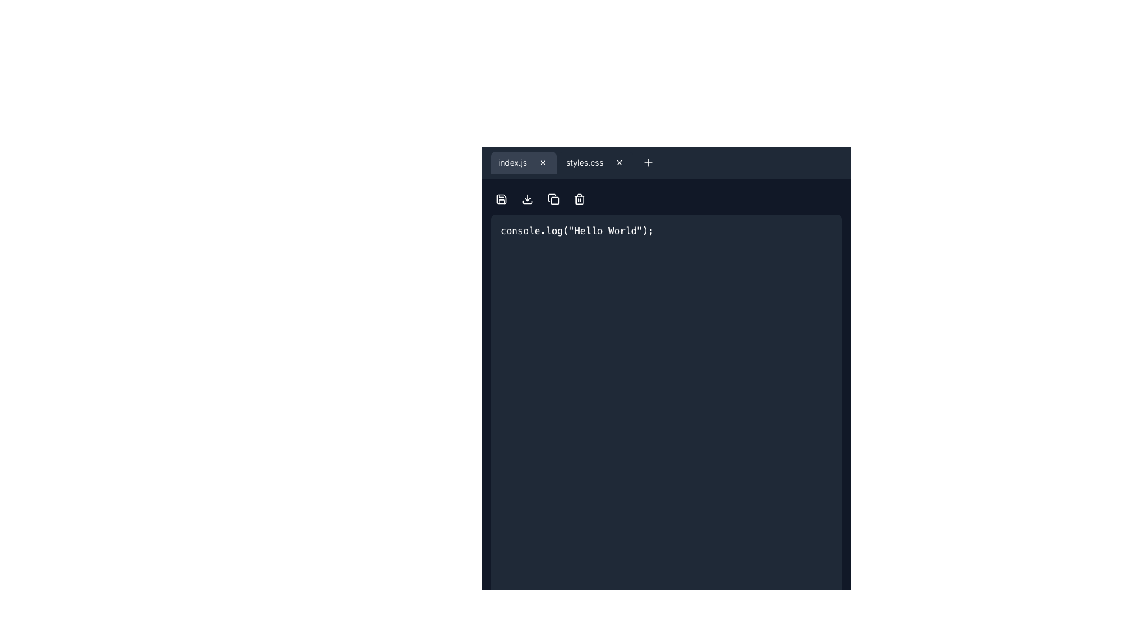  What do you see at coordinates (595, 163) in the screenshot?
I see `the 'X' icon on the second tab labeled 'styles.css' in the tabbed navigation interface` at bounding box center [595, 163].